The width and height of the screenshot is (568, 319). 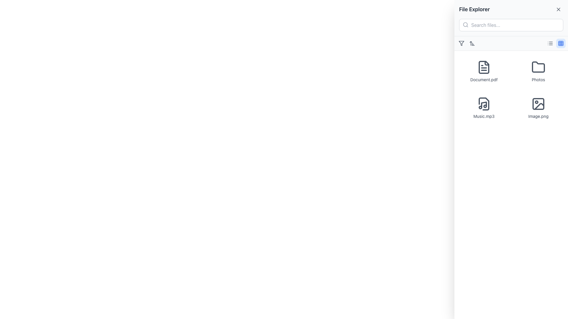 What do you see at coordinates (484, 67) in the screenshot?
I see `the document file icon labeled 'Document.pdf' in the top-left quadrant of the file explorer interface` at bounding box center [484, 67].